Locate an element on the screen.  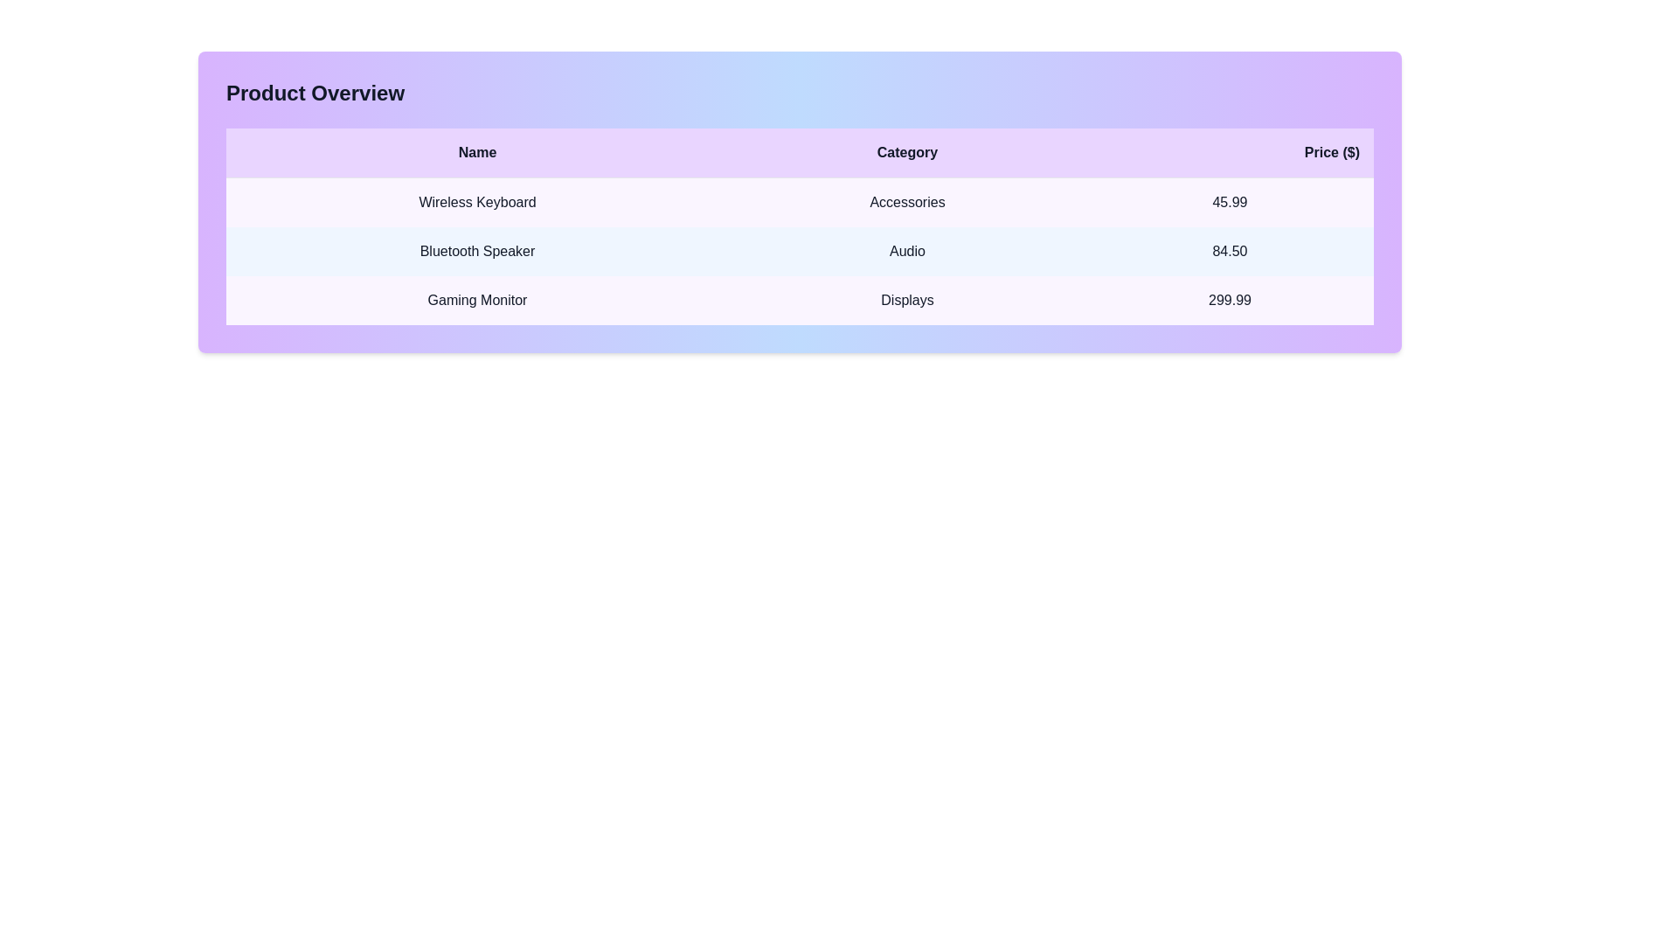
the price label located in the last column of the third row in the 'Product Overview' table, which is positioned below the 'Price' header is located at coordinates (1229, 299).